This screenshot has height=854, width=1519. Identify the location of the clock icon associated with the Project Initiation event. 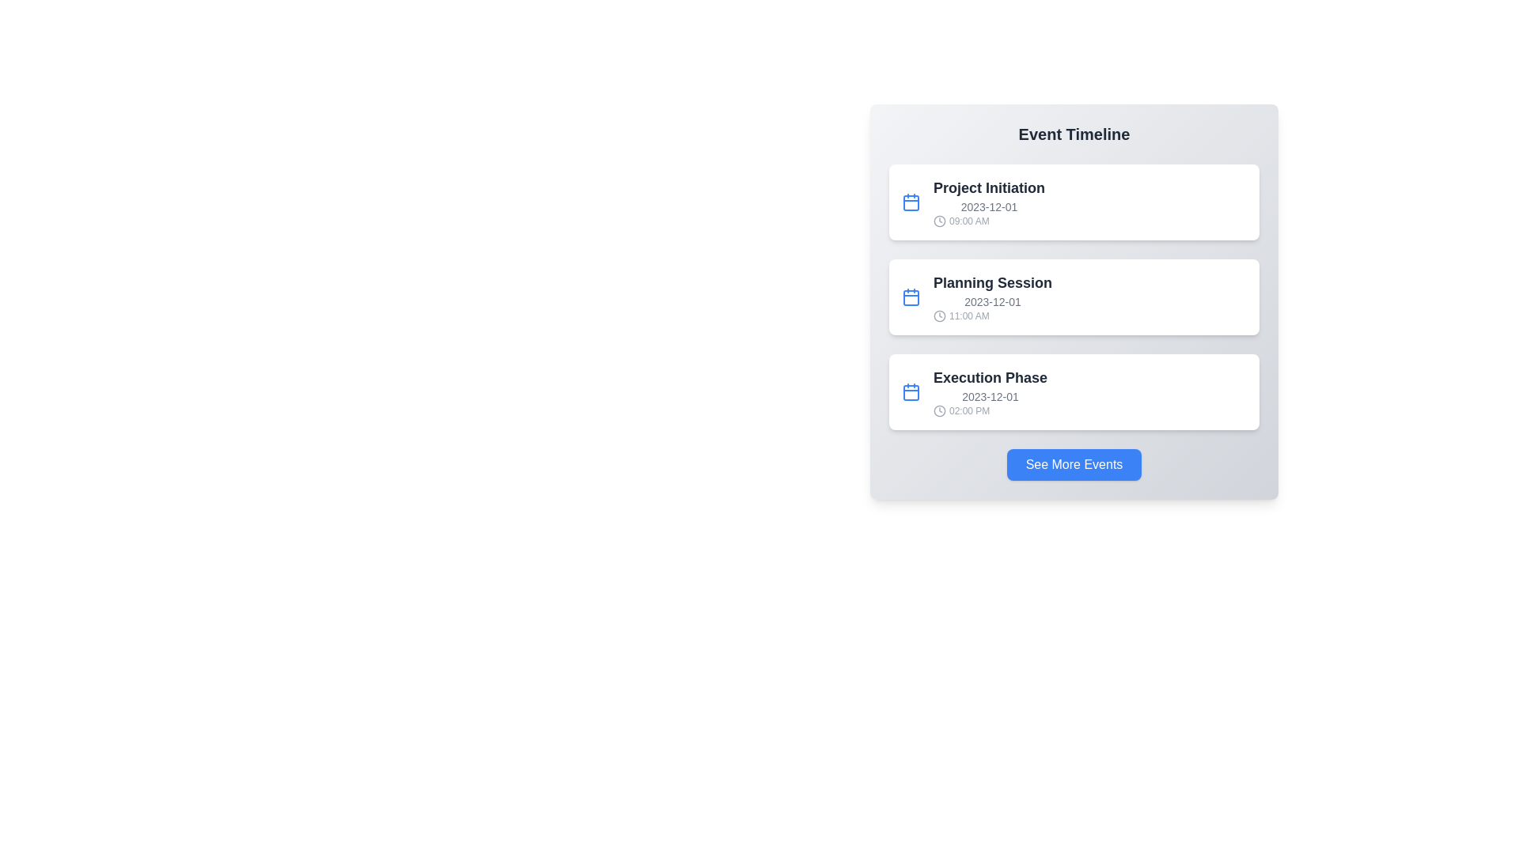
(940, 221).